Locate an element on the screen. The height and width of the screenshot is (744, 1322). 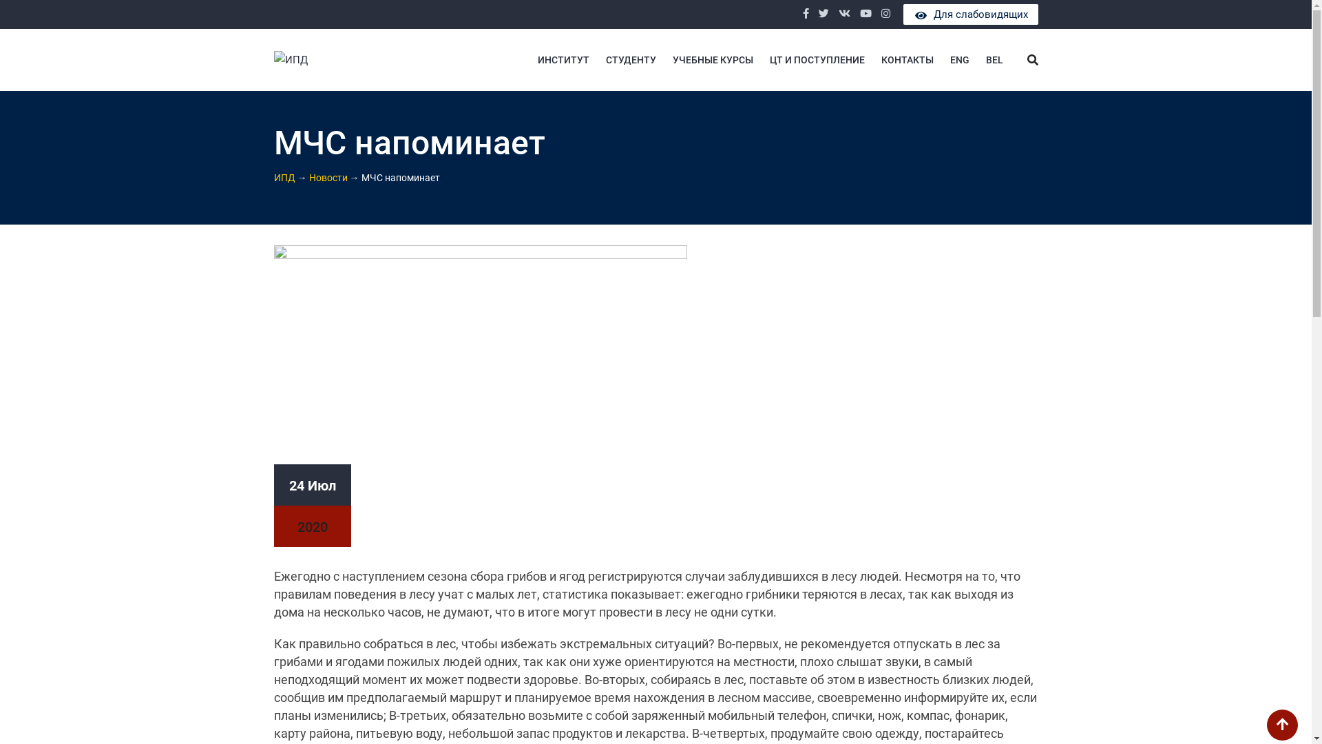
'ENG' is located at coordinates (942, 59).